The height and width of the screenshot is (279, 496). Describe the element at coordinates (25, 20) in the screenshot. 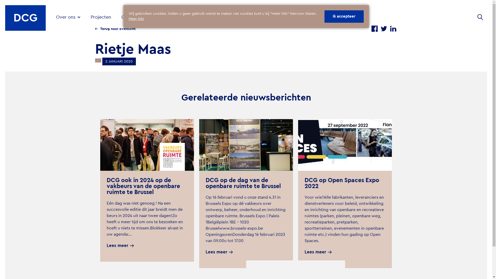

I see `'DCG'` at that location.